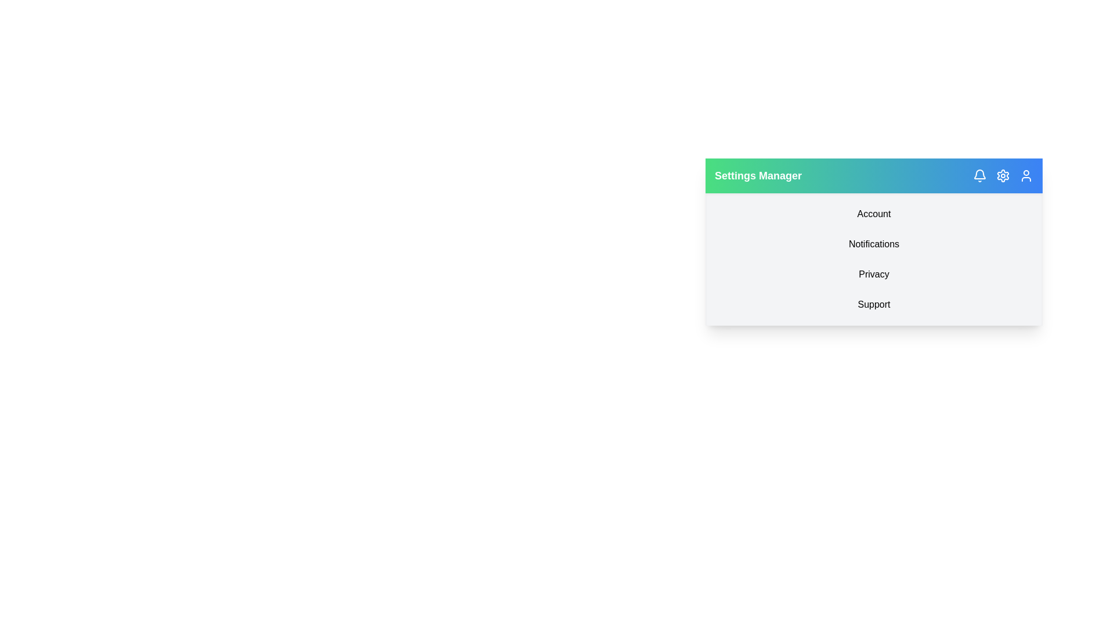 This screenshot has width=1114, height=627. What do you see at coordinates (979, 176) in the screenshot?
I see `the notification bell icon` at bounding box center [979, 176].